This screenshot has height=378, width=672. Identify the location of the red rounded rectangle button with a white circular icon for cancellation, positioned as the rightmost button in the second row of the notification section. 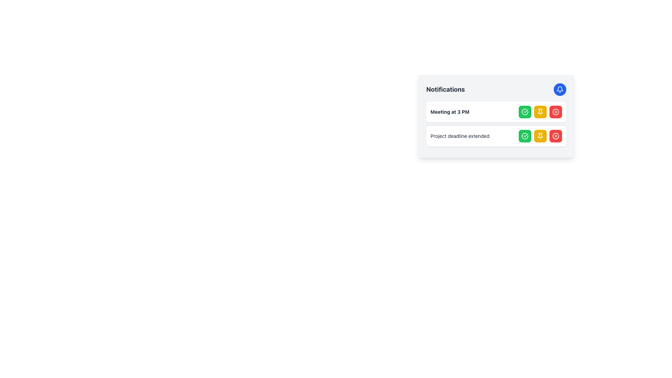
(555, 136).